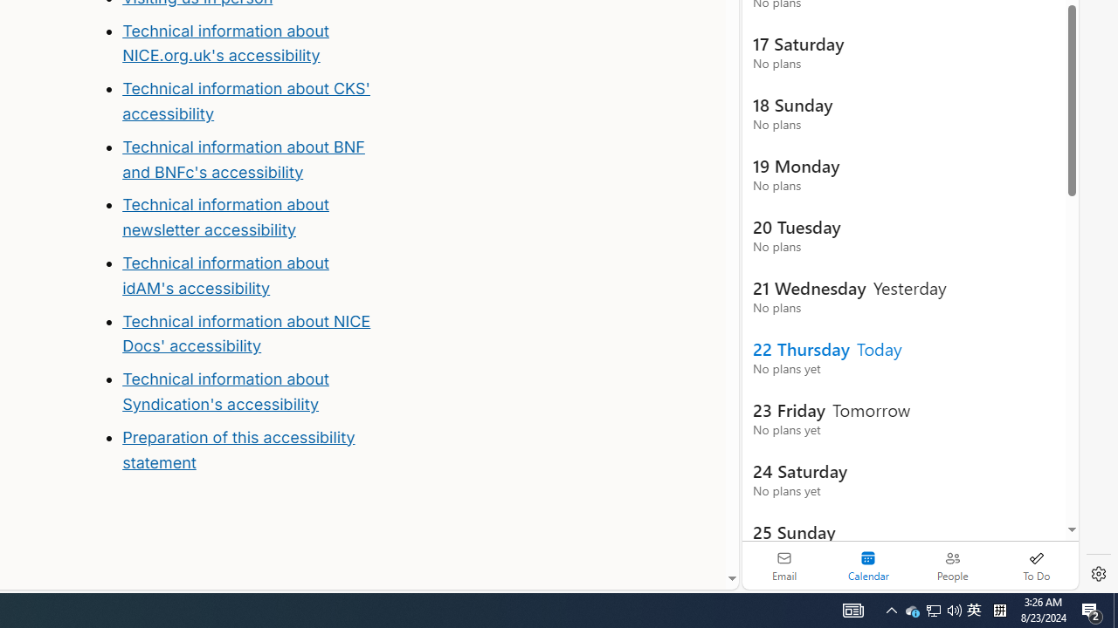 The height and width of the screenshot is (628, 1118). What do you see at coordinates (224, 390) in the screenshot?
I see `'Technical information about Syndication'` at bounding box center [224, 390].